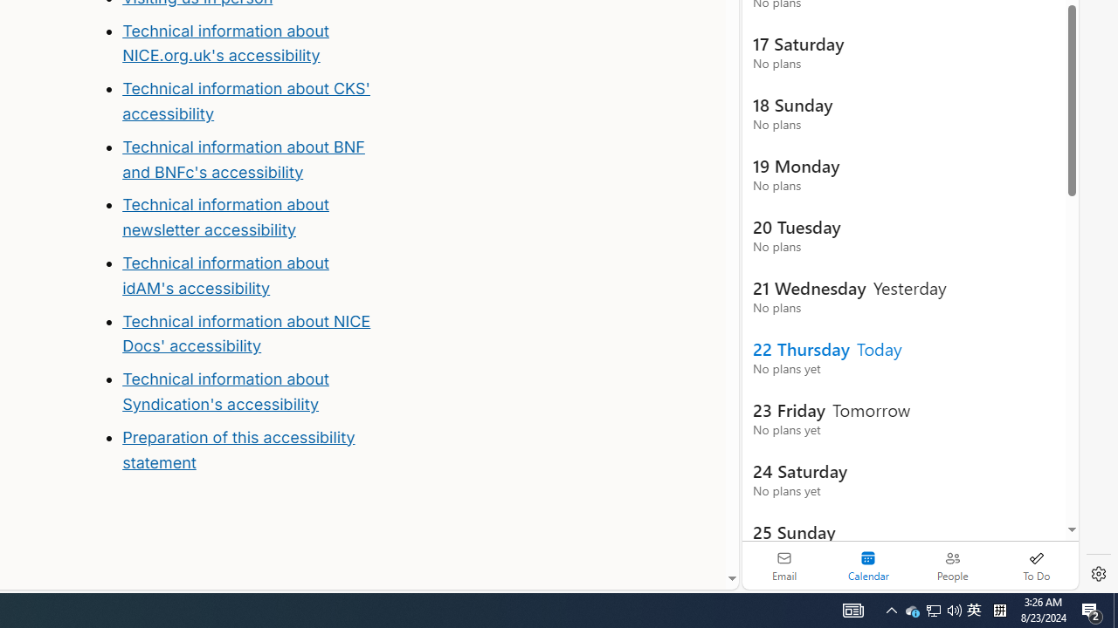 The height and width of the screenshot is (628, 1118). What do you see at coordinates (224, 390) in the screenshot?
I see `'Technical information about Syndication'` at bounding box center [224, 390].